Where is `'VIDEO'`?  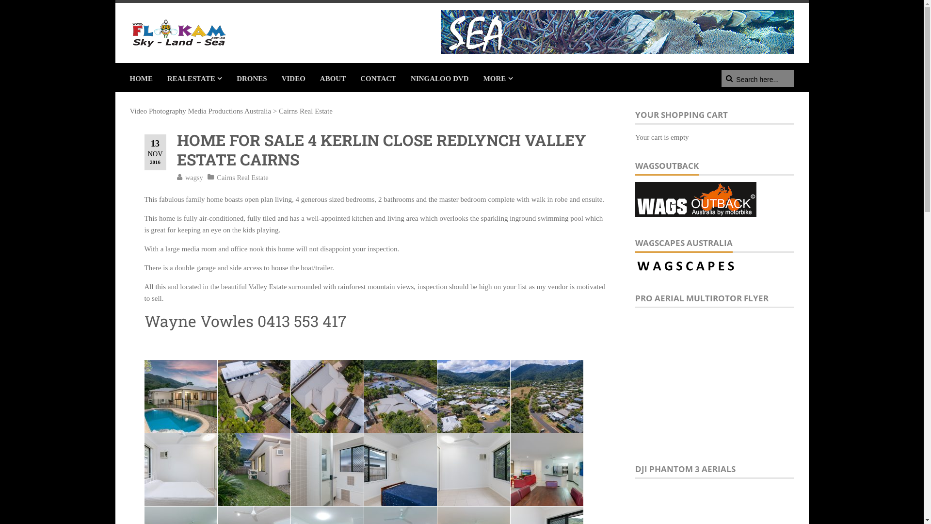
'VIDEO' is located at coordinates (293, 77).